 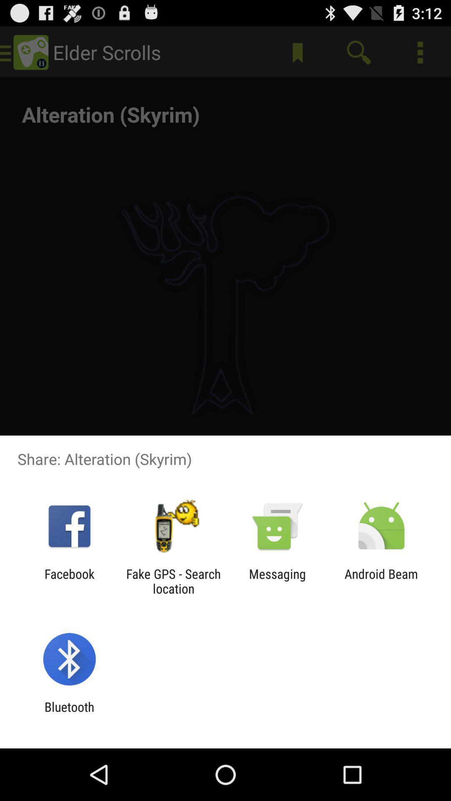 What do you see at coordinates (69, 581) in the screenshot?
I see `the app to the left of fake gps search app` at bounding box center [69, 581].